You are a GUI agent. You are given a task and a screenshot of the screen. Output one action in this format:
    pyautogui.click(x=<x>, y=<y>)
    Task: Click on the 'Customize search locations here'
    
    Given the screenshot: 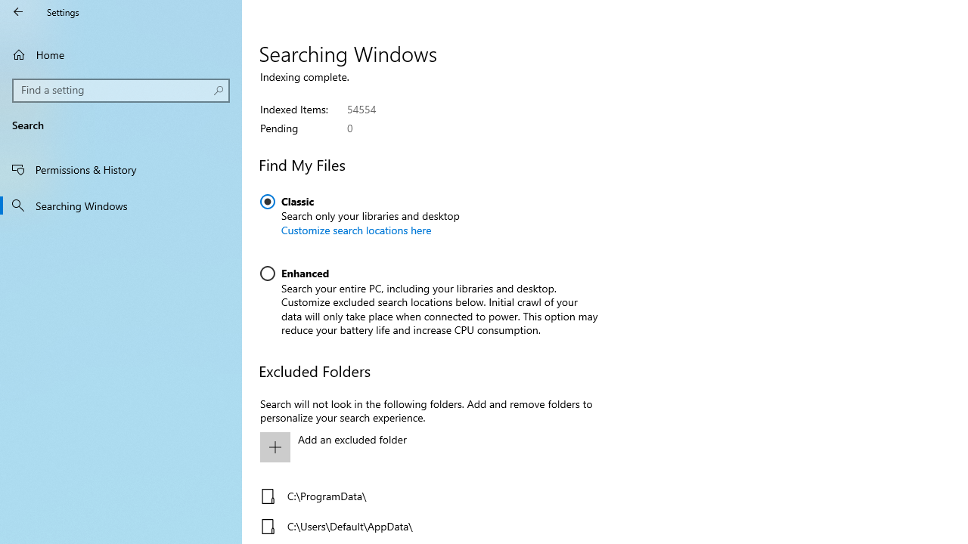 What is the action you would take?
    pyautogui.click(x=355, y=230)
    